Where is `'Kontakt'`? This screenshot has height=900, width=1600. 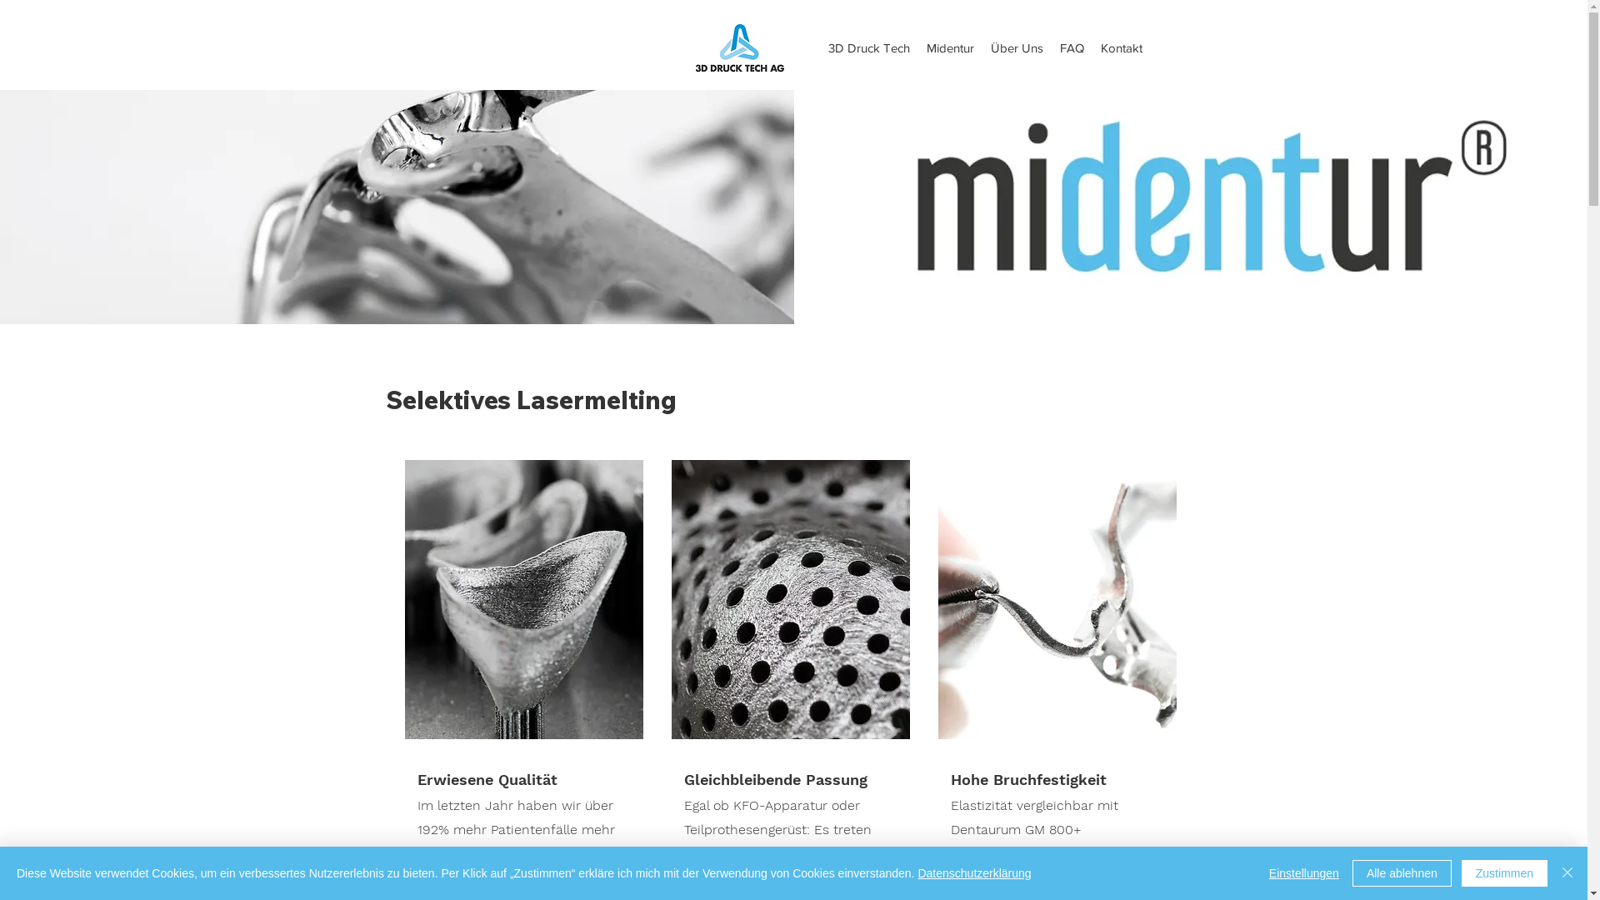
'Kontakt' is located at coordinates (1121, 47).